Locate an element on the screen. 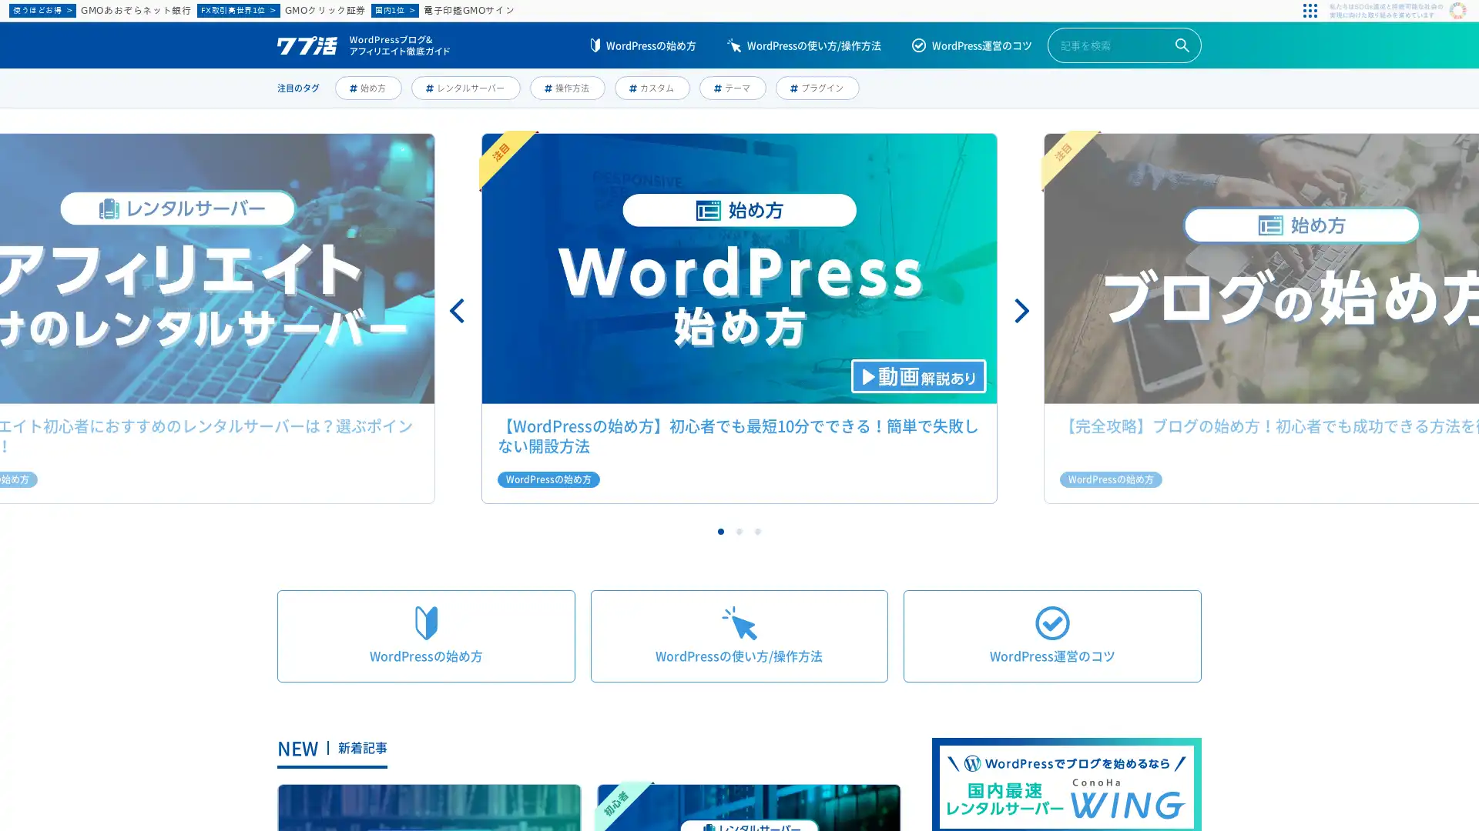 This screenshot has width=1479, height=831. Previous is located at coordinates (458, 311).